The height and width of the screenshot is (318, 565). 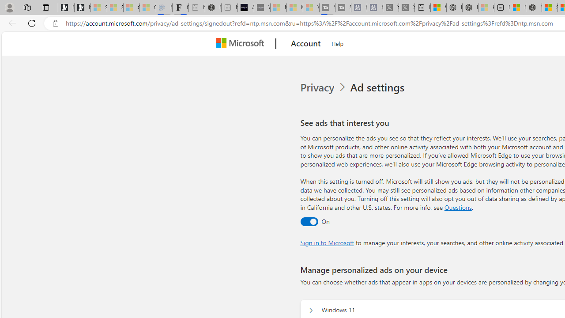 What do you see at coordinates (327, 242) in the screenshot?
I see `'Sign in to Microsoft'` at bounding box center [327, 242].